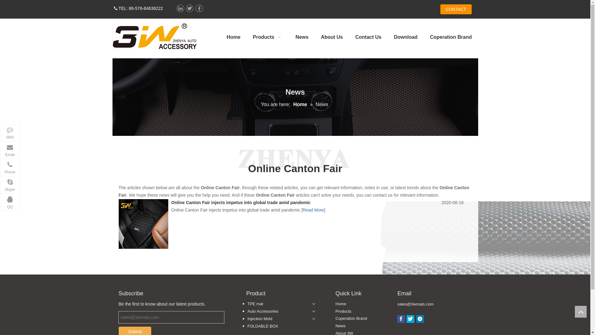  I want to click on '8165314', so click(154, 36).